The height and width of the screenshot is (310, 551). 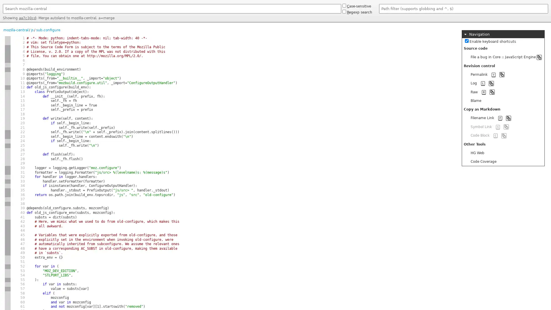 What do you see at coordinates (8, 110) in the screenshot?
I see `same hash 6` at bounding box center [8, 110].